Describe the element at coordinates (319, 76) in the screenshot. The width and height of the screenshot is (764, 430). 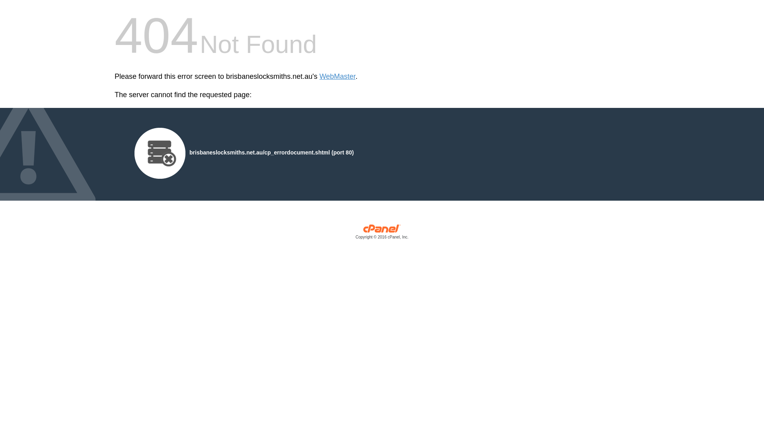
I see `'WebMaster'` at that location.